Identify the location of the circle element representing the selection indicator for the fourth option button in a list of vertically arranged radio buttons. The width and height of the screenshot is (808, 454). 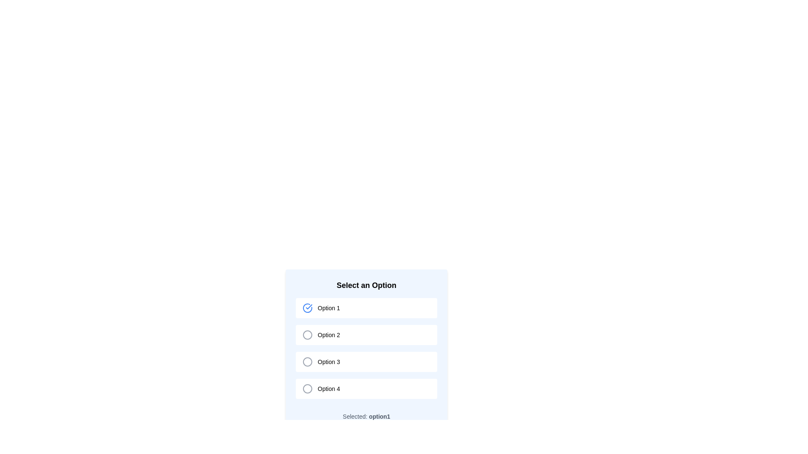
(307, 389).